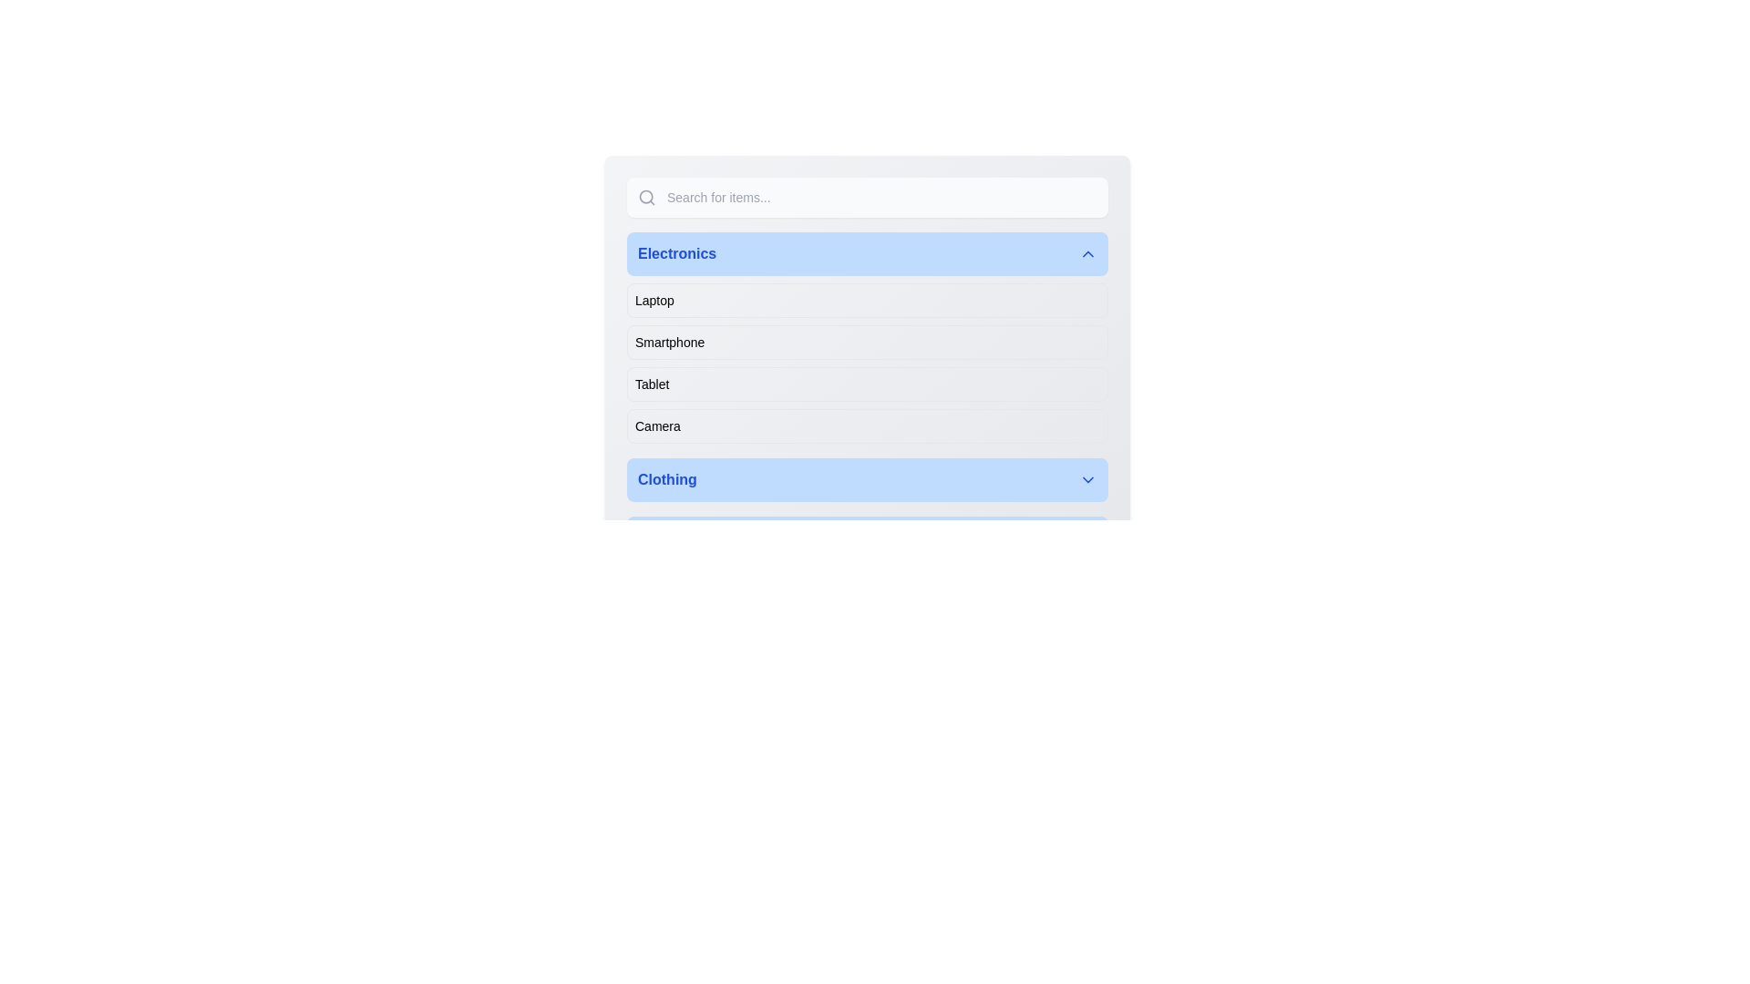 The height and width of the screenshot is (984, 1750). What do you see at coordinates (866, 342) in the screenshot?
I see `the 'Smartphone' menu item located as the second option under the 'Electronics' section in the collapsible menu` at bounding box center [866, 342].